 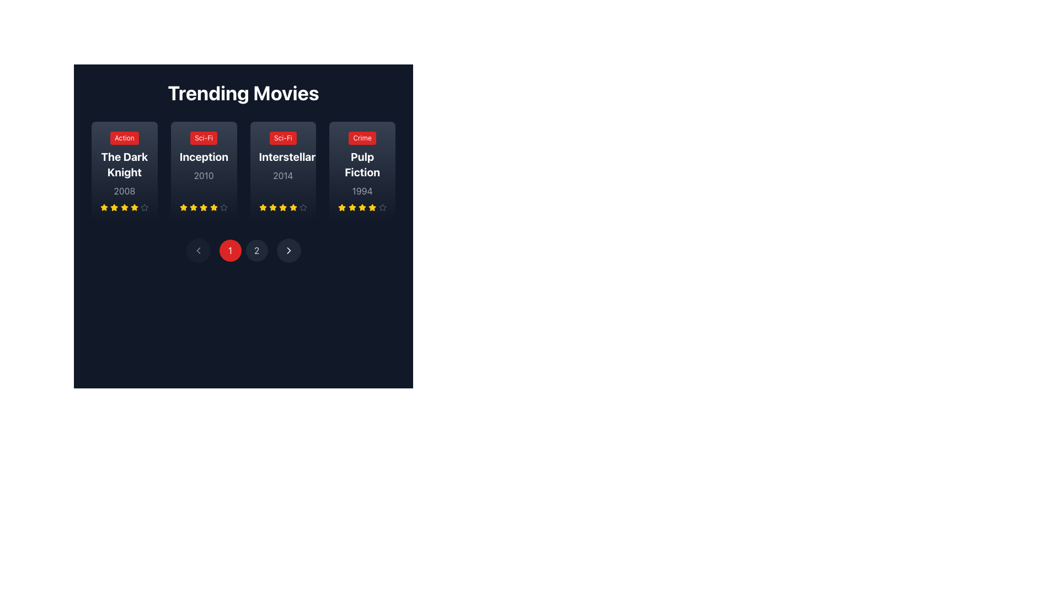 What do you see at coordinates (204, 156) in the screenshot?
I see `the Informational Panel displaying information about the movie 'Inception', which is located in the Trending Movies section between 'The Dark Knight' and 'Interstellar'` at bounding box center [204, 156].